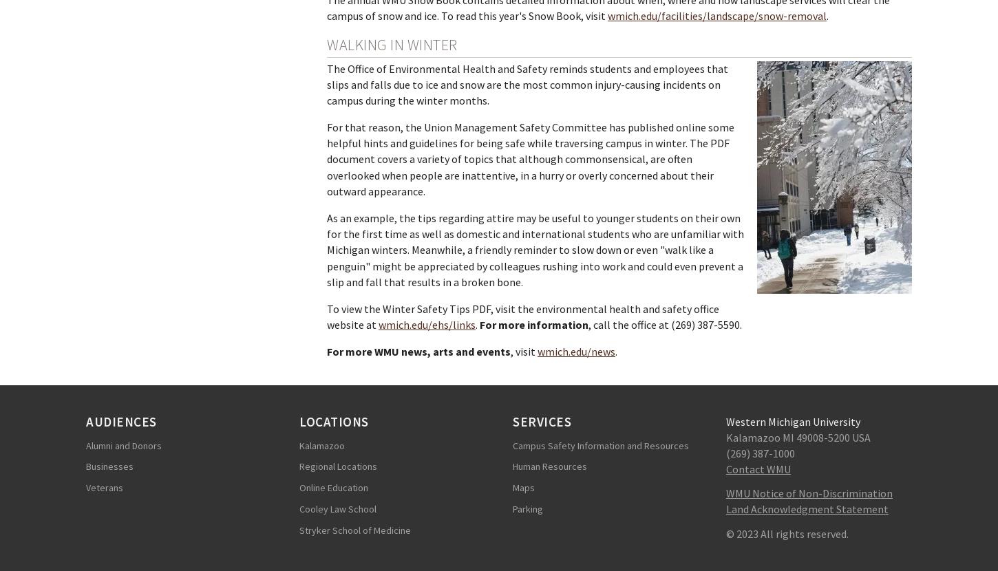  What do you see at coordinates (542, 420) in the screenshot?
I see `'Services'` at bounding box center [542, 420].